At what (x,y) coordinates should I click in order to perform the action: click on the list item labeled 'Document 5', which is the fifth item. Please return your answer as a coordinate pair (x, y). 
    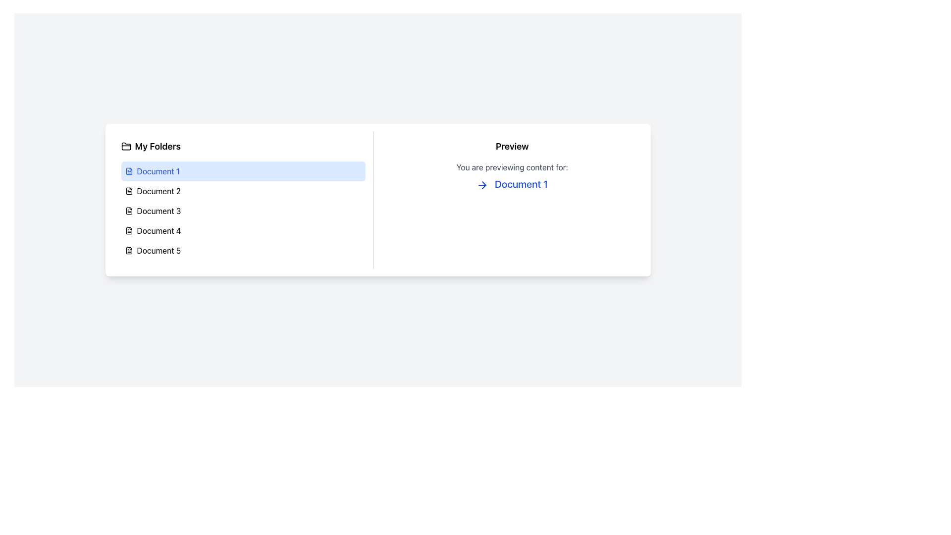
    Looking at the image, I should click on (243, 250).